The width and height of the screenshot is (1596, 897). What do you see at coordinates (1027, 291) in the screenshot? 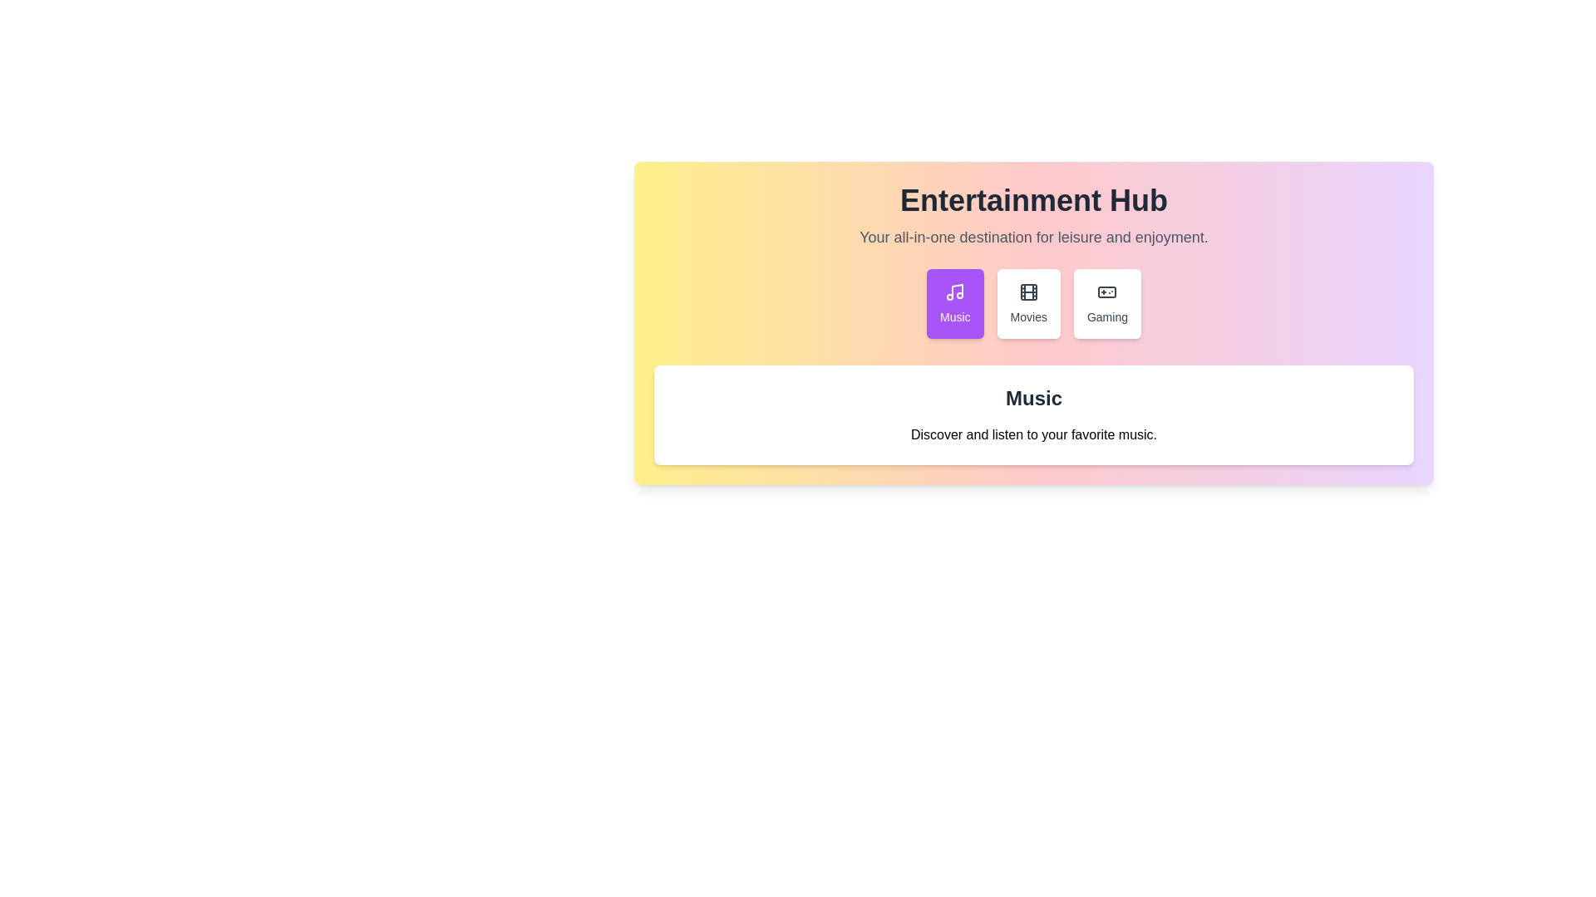
I see `the Decorative SVG rectangle that represents the 'Movies' section in the entertainment hub interface, which is centrally located within the second icon of the horizontal arrangement of three options` at bounding box center [1027, 291].